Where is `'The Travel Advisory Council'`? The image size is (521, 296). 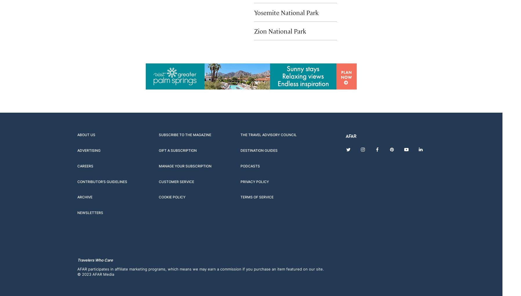 'The Travel Advisory Council' is located at coordinates (240, 134).